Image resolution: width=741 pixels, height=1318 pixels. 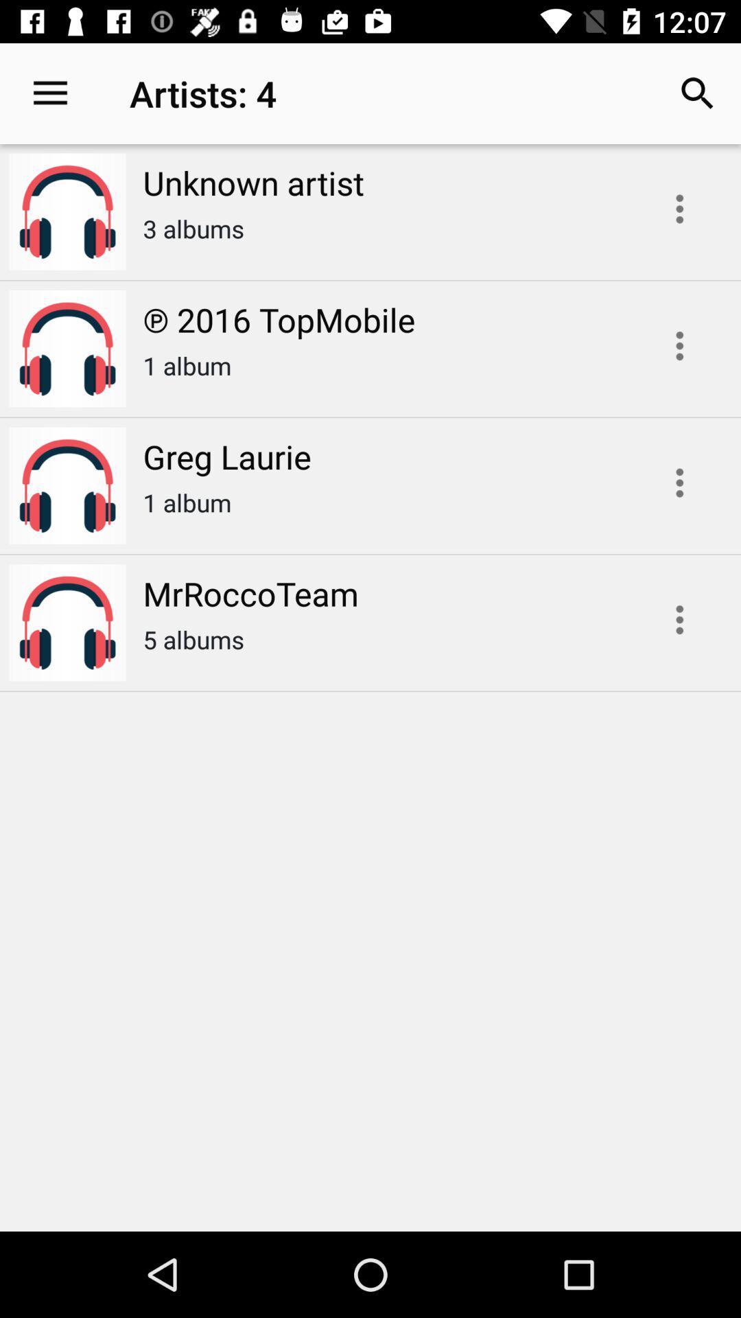 I want to click on additional options, so click(x=679, y=483).